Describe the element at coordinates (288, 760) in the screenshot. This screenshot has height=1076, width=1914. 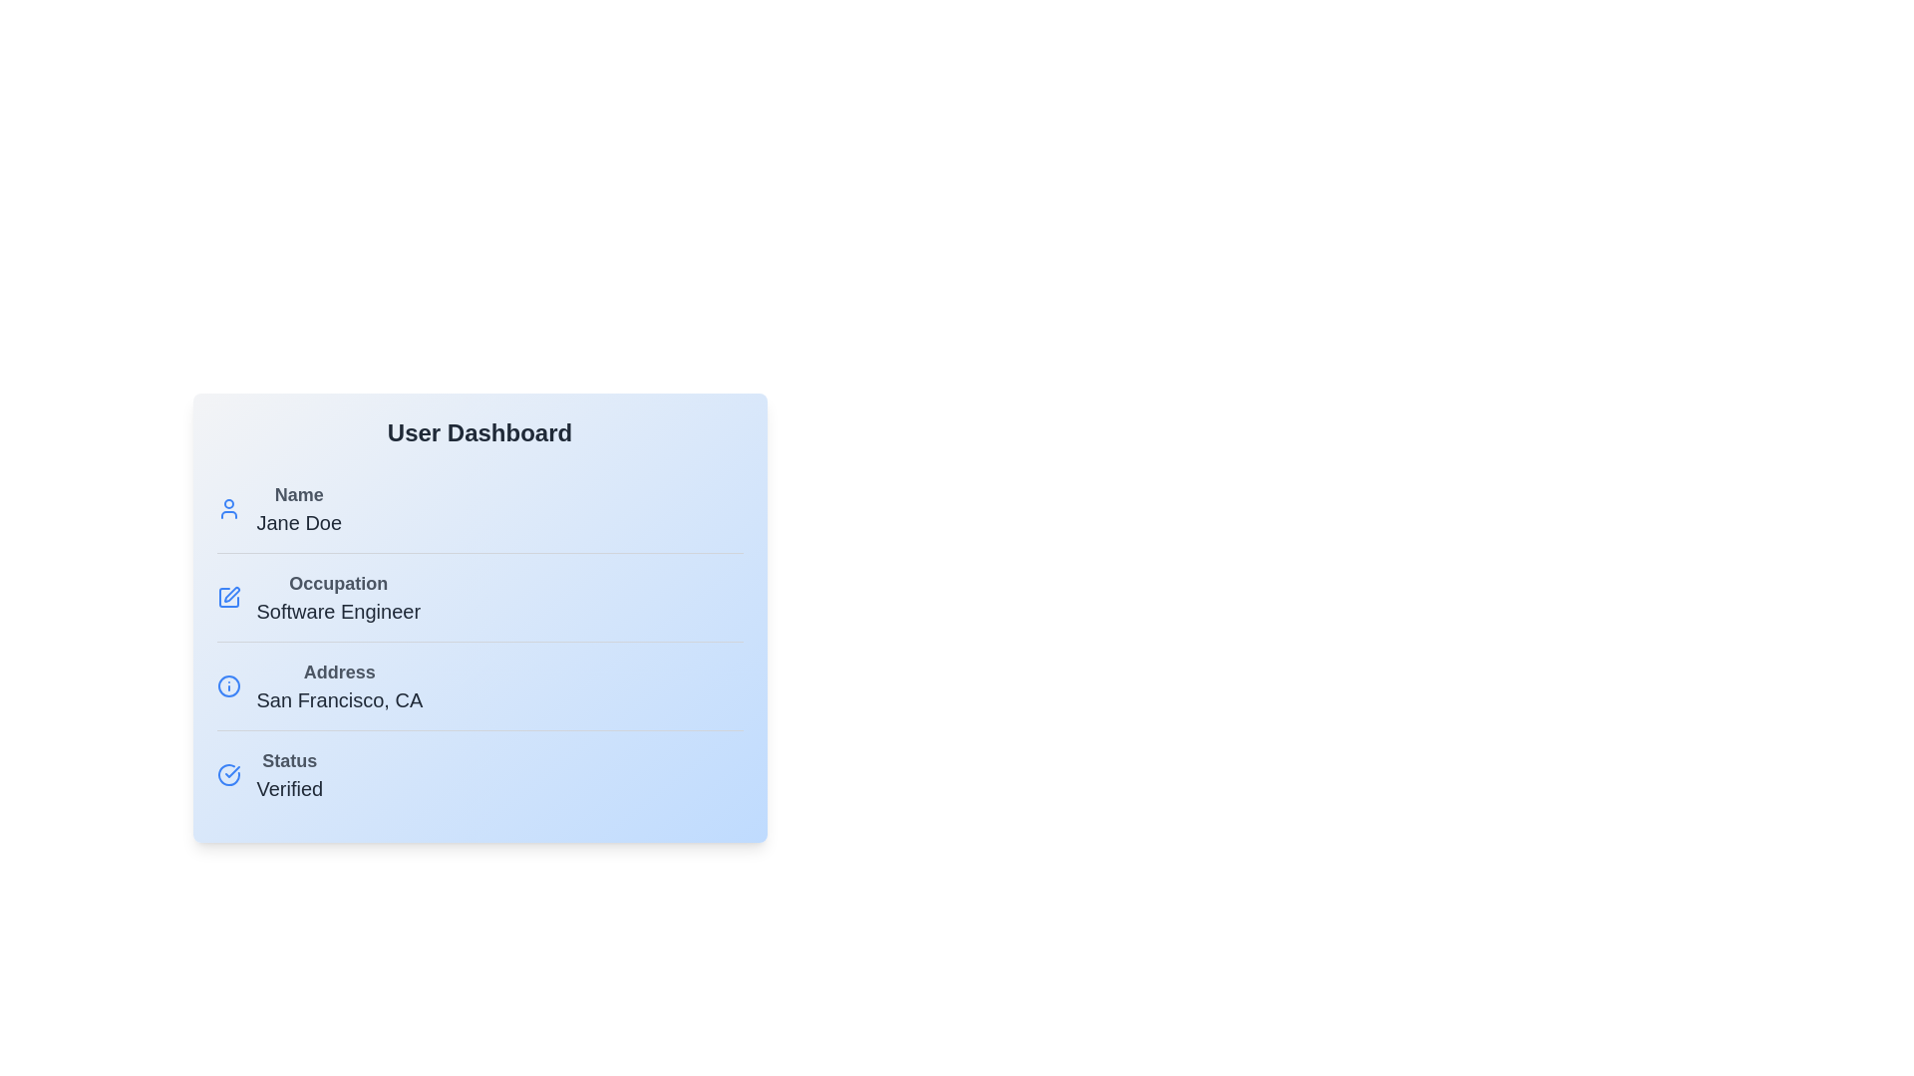
I see `the 'Status' text label which is styled with a gray font color, bold weight, and medium size, located at the bottom of the user card layout` at that location.